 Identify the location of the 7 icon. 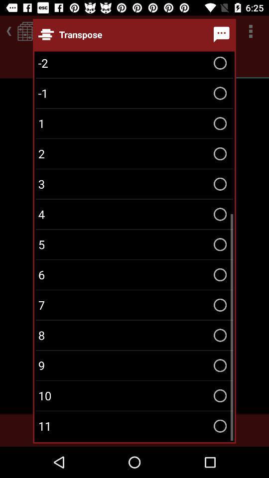
(134, 304).